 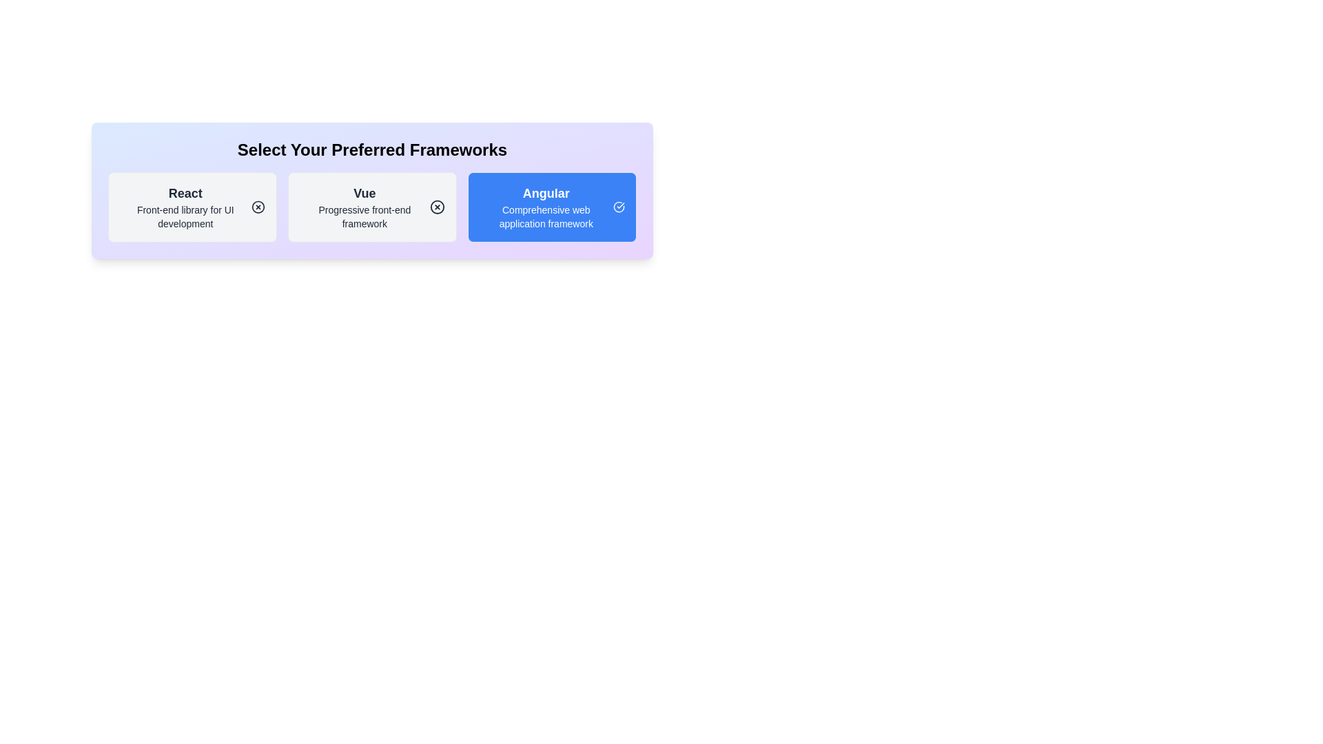 I want to click on the chip labeled Angular, so click(x=552, y=207).